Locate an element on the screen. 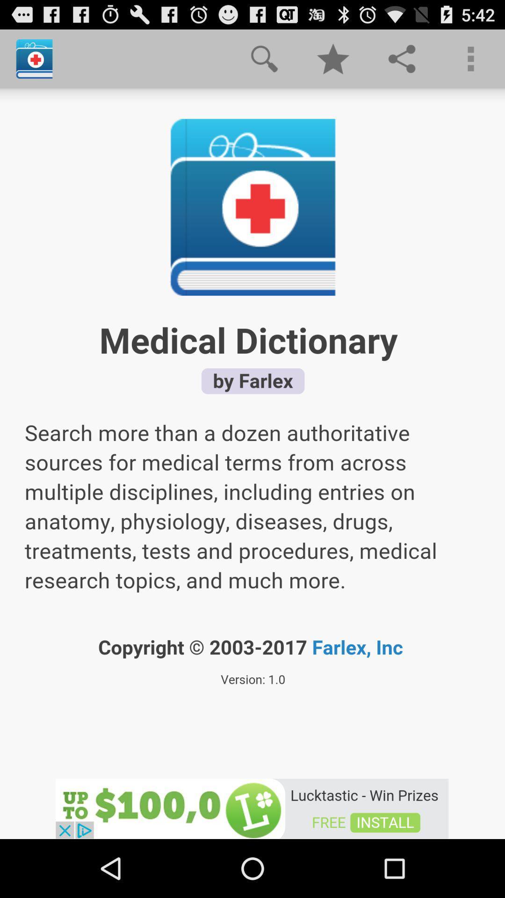 The height and width of the screenshot is (898, 505). advertisement is located at coordinates (252, 807).